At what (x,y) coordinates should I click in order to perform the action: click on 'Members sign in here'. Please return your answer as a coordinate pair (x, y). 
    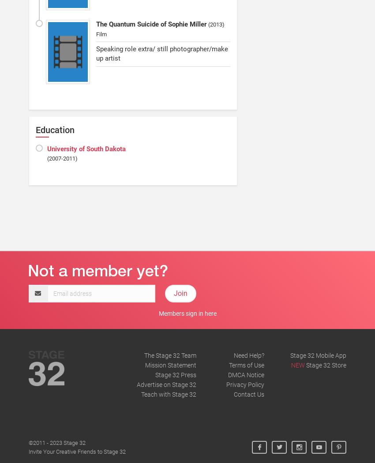
    Looking at the image, I should click on (187, 312).